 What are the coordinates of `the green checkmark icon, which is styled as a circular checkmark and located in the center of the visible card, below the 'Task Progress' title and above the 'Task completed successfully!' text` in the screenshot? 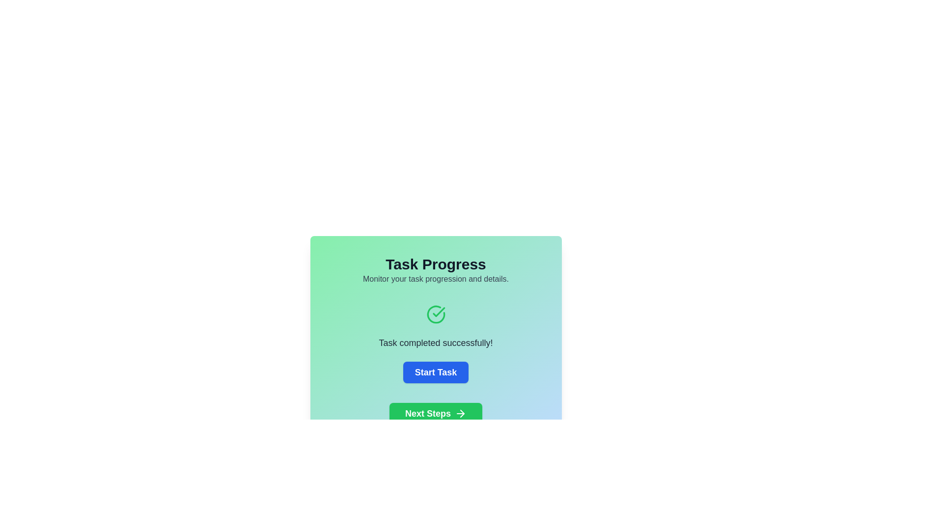 It's located at (438, 312).